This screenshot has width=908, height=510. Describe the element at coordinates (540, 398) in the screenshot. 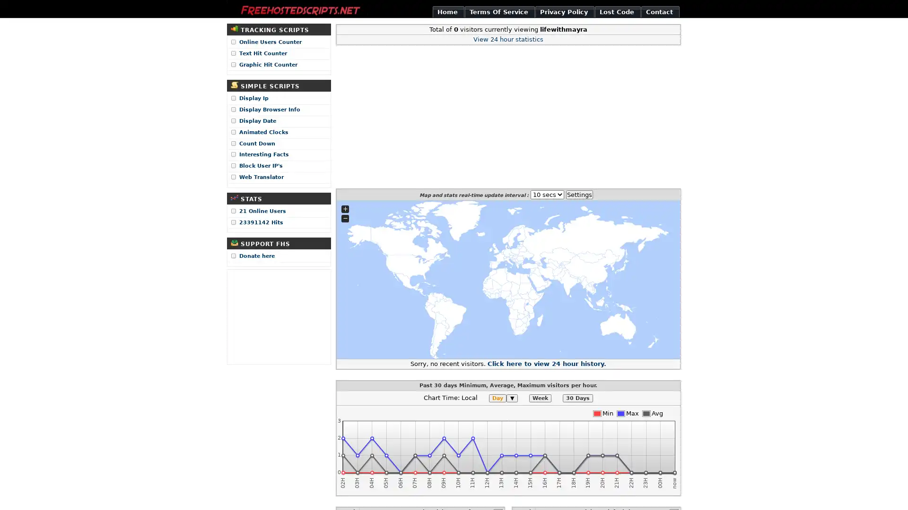

I see `Week` at that location.